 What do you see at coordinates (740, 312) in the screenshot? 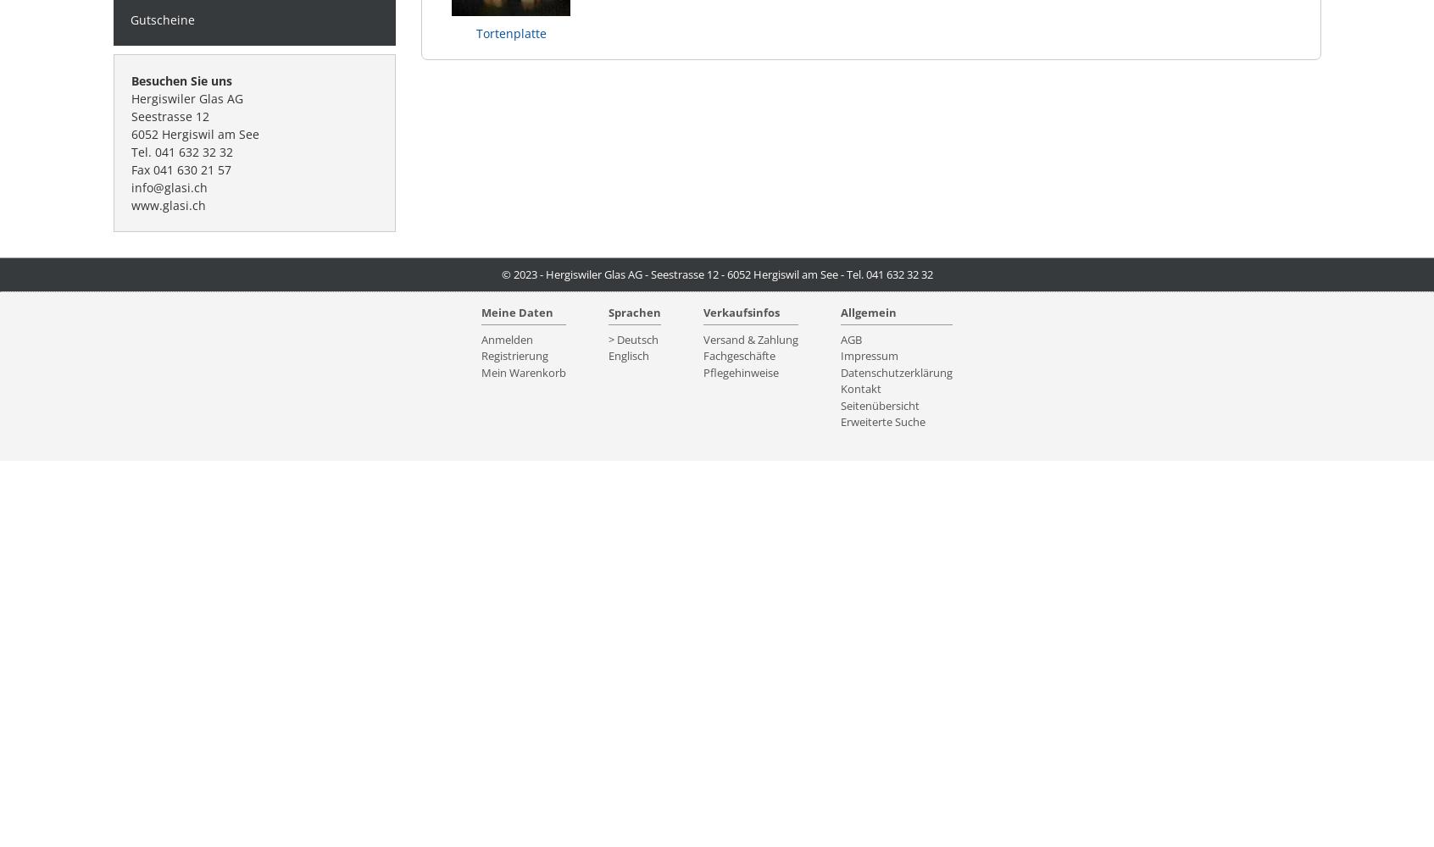
I see `'Verkaufsinfos'` at bounding box center [740, 312].